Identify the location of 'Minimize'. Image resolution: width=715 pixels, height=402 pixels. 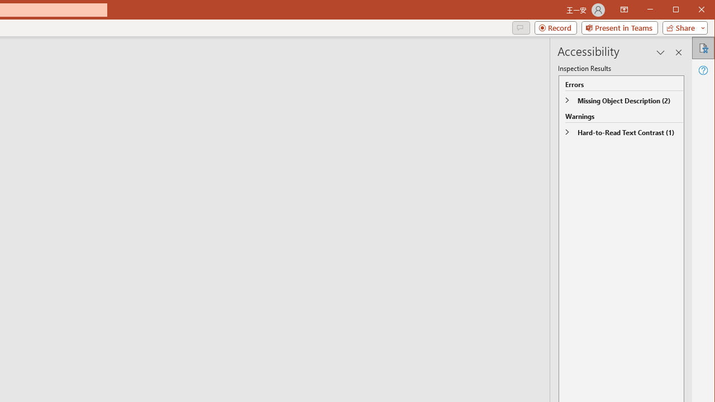
(679, 11).